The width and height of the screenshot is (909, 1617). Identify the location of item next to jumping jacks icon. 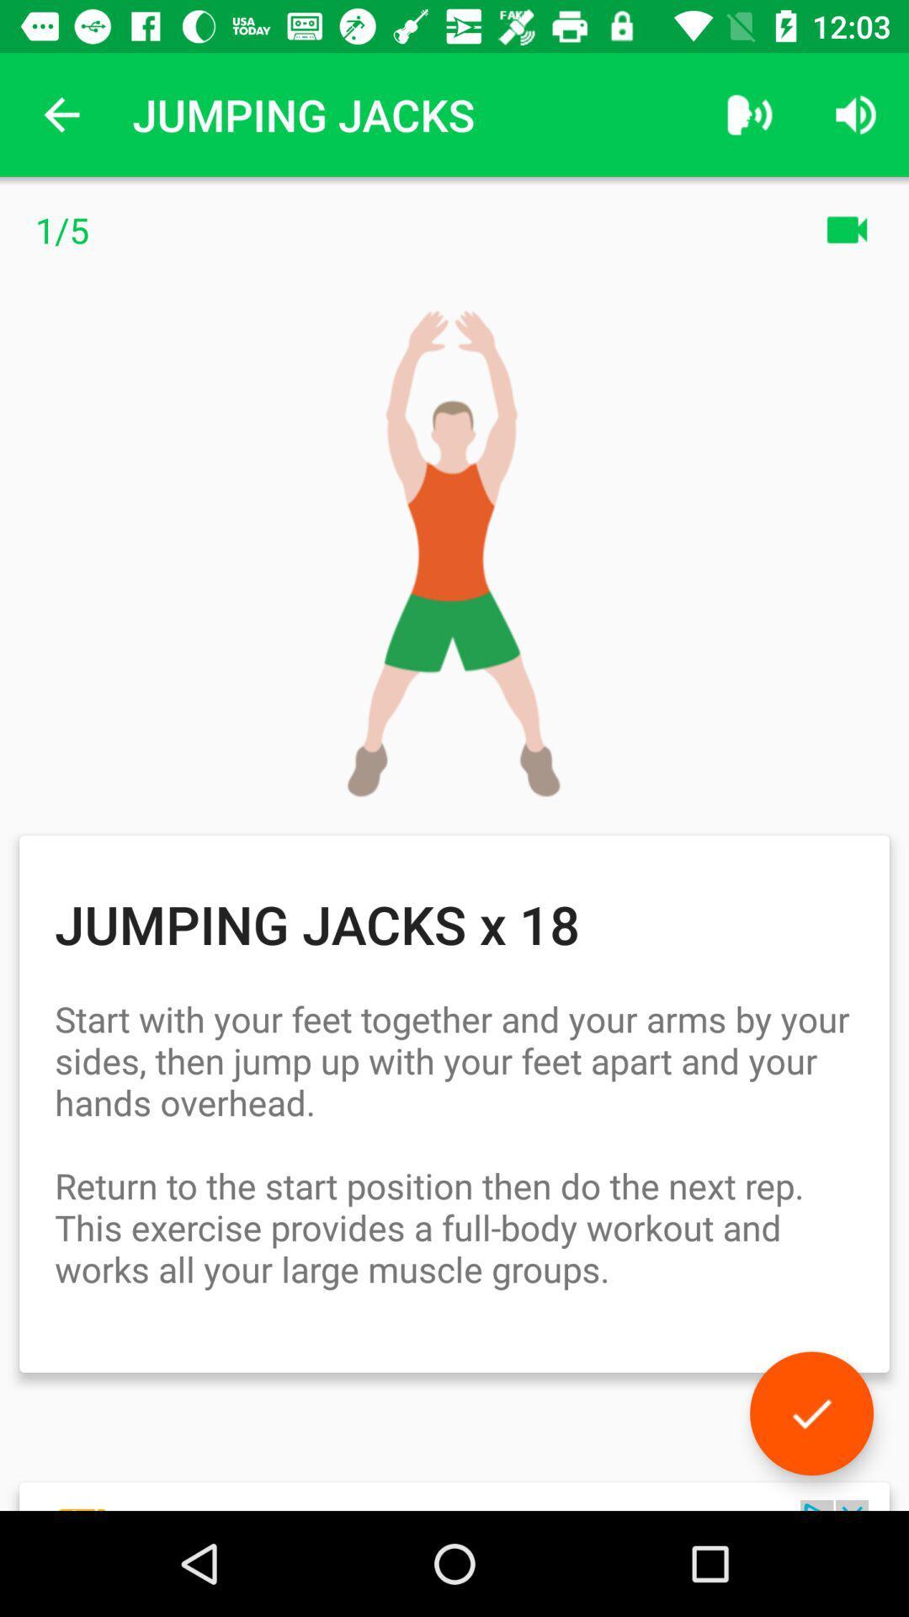
(61, 114).